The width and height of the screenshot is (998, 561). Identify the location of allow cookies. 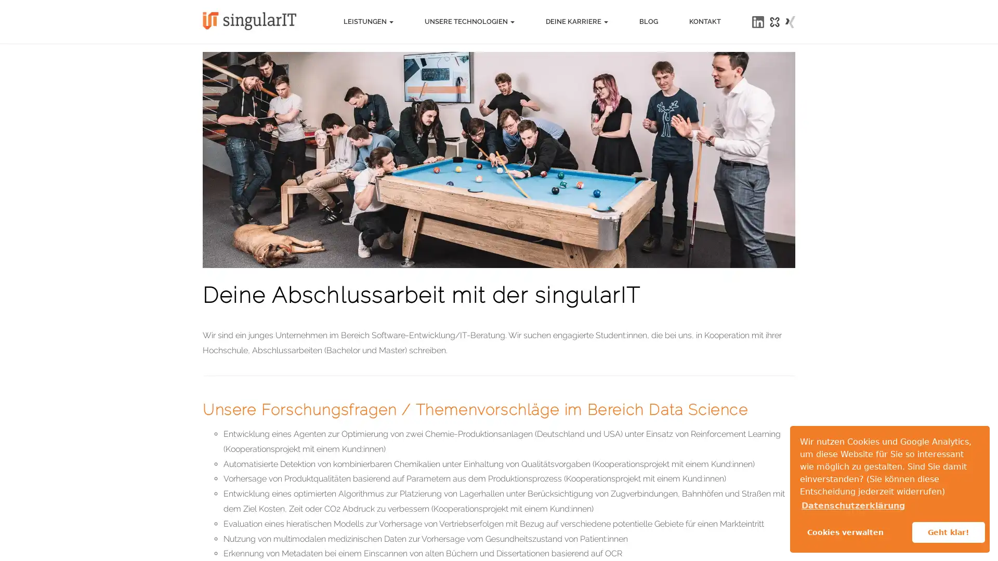
(948, 532).